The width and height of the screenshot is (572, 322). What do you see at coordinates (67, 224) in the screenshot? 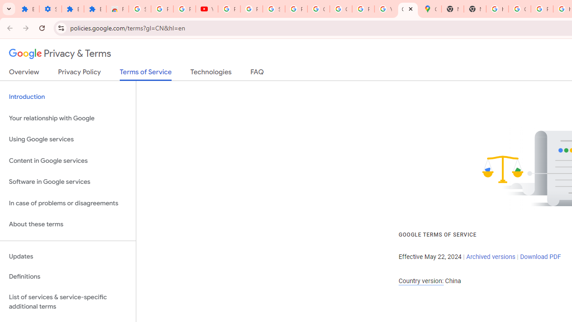
I see `'About these terms'` at bounding box center [67, 224].